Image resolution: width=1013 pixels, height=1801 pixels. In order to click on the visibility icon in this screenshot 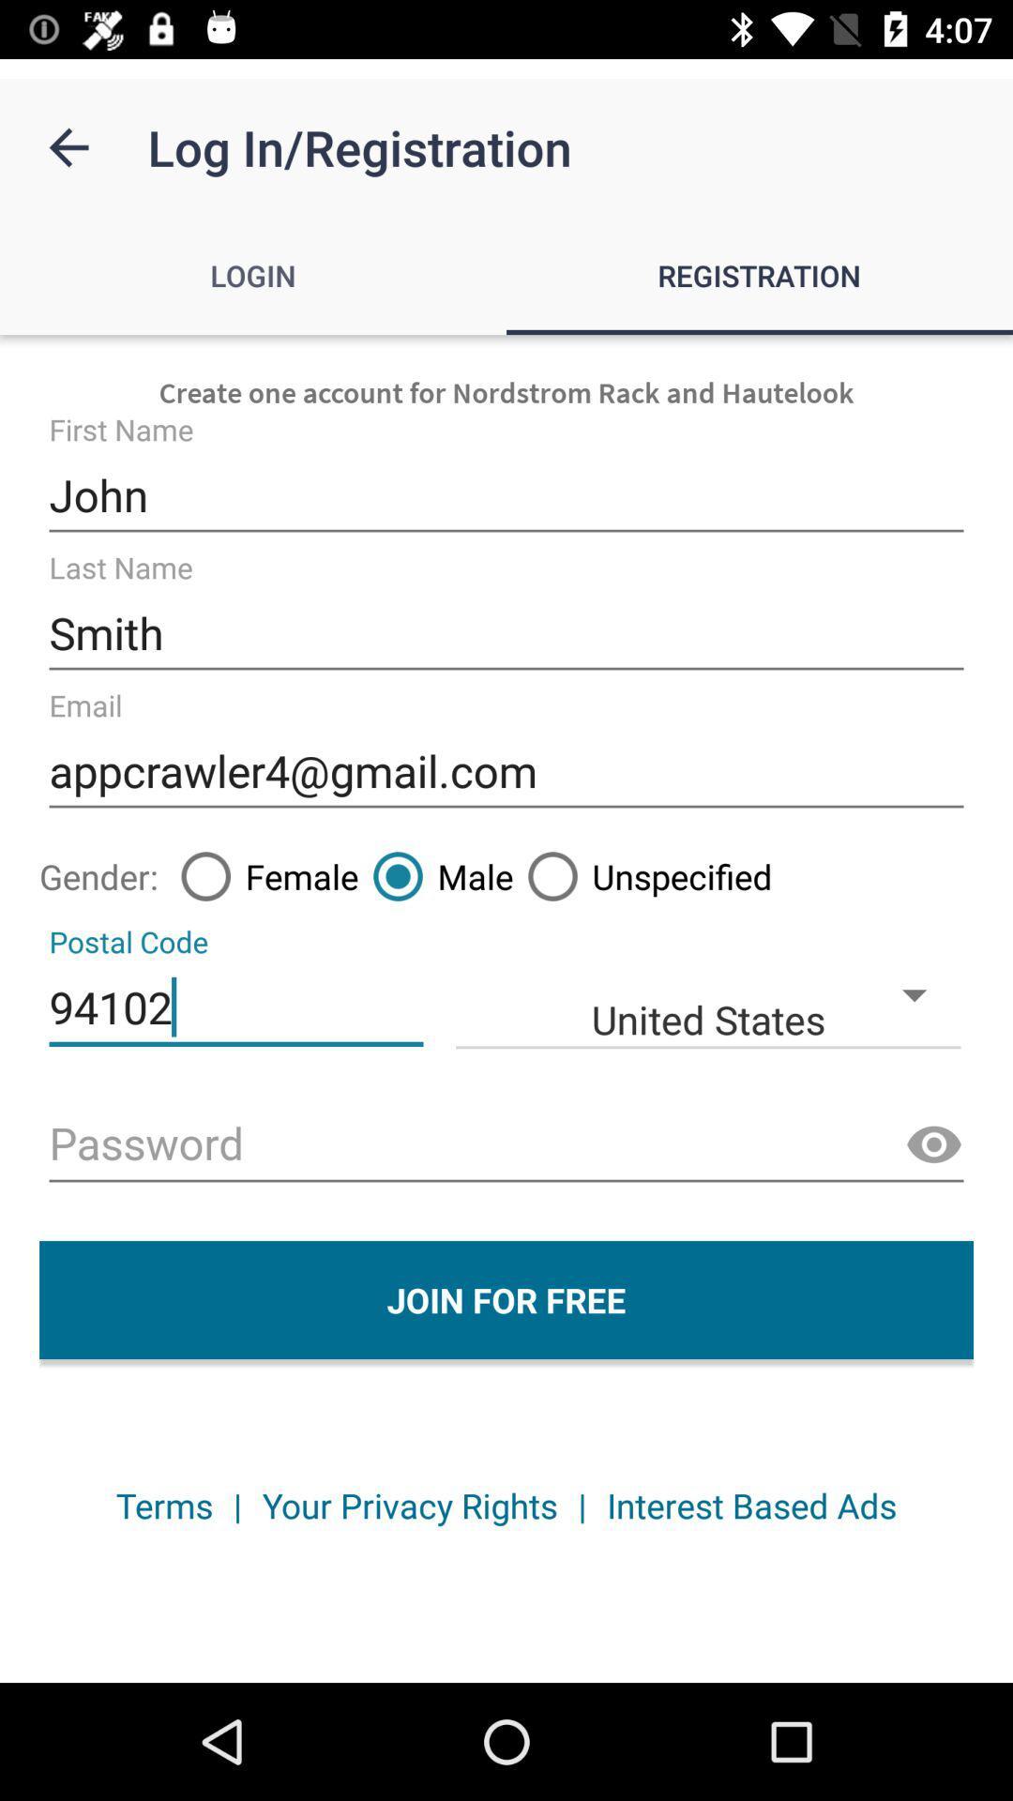, I will do `click(933, 1144)`.